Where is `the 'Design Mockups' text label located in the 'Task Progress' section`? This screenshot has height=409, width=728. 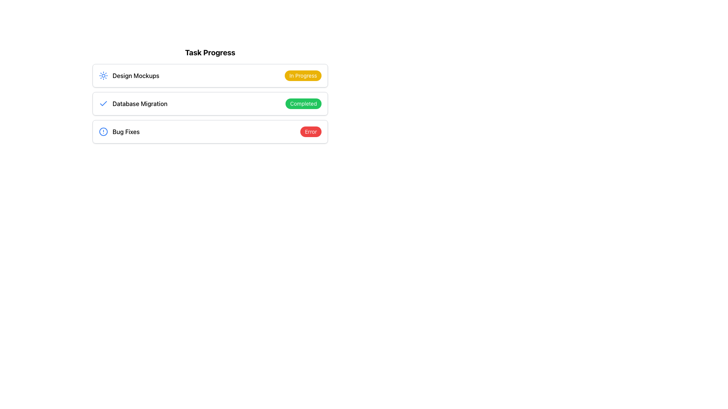
the 'Design Mockups' text label located in the 'Task Progress' section is located at coordinates (136, 76).